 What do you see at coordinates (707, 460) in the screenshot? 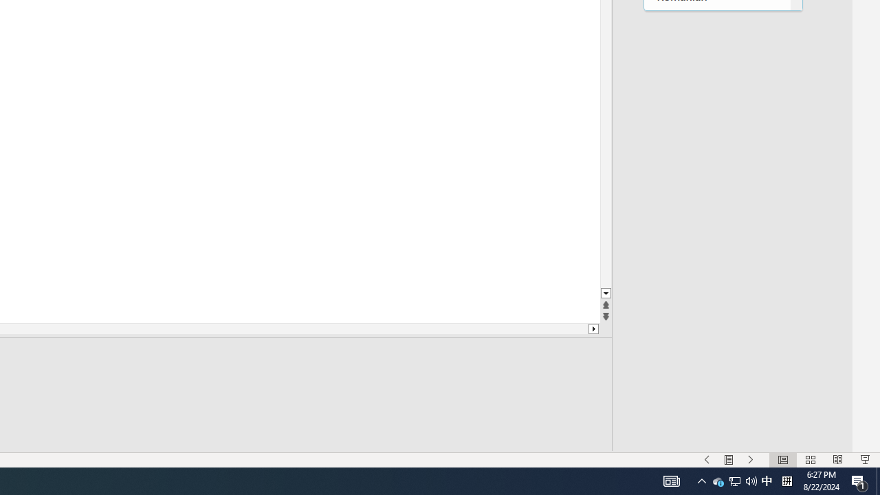
I see `'Slide Show Previous On'` at bounding box center [707, 460].